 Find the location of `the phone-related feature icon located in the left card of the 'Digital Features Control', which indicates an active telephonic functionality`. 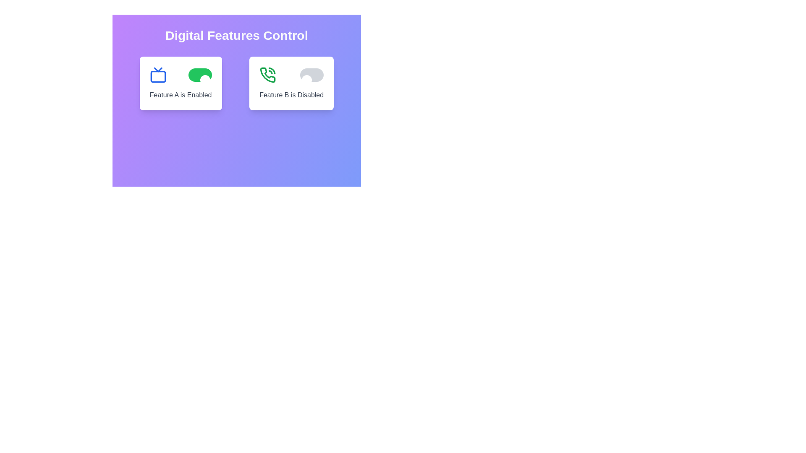

the phone-related feature icon located in the left card of the 'Digital Features Control', which indicates an active telephonic functionality is located at coordinates (267, 74).